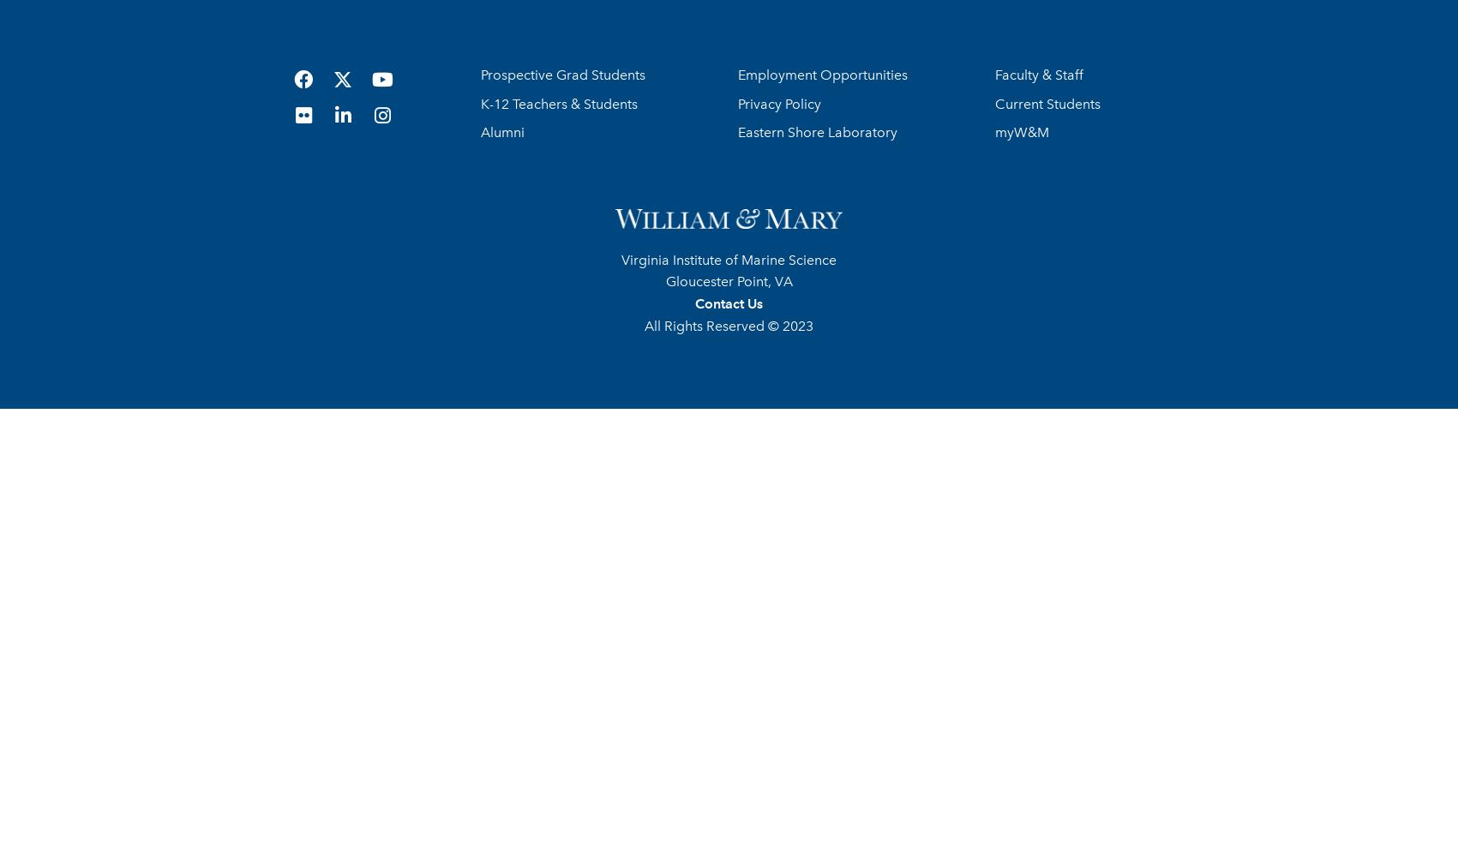 The image size is (1458, 857). I want to click on '2023', so click(796, 325).